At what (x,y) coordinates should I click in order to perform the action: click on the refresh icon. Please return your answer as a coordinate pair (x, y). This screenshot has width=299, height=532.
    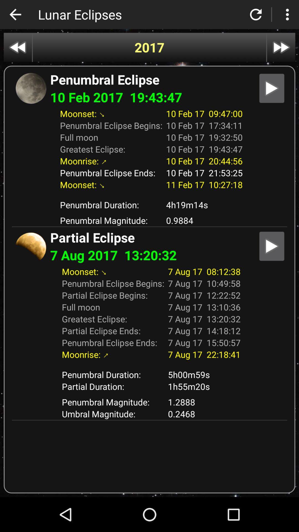
    Looking at the image, I should click on (256, 14).